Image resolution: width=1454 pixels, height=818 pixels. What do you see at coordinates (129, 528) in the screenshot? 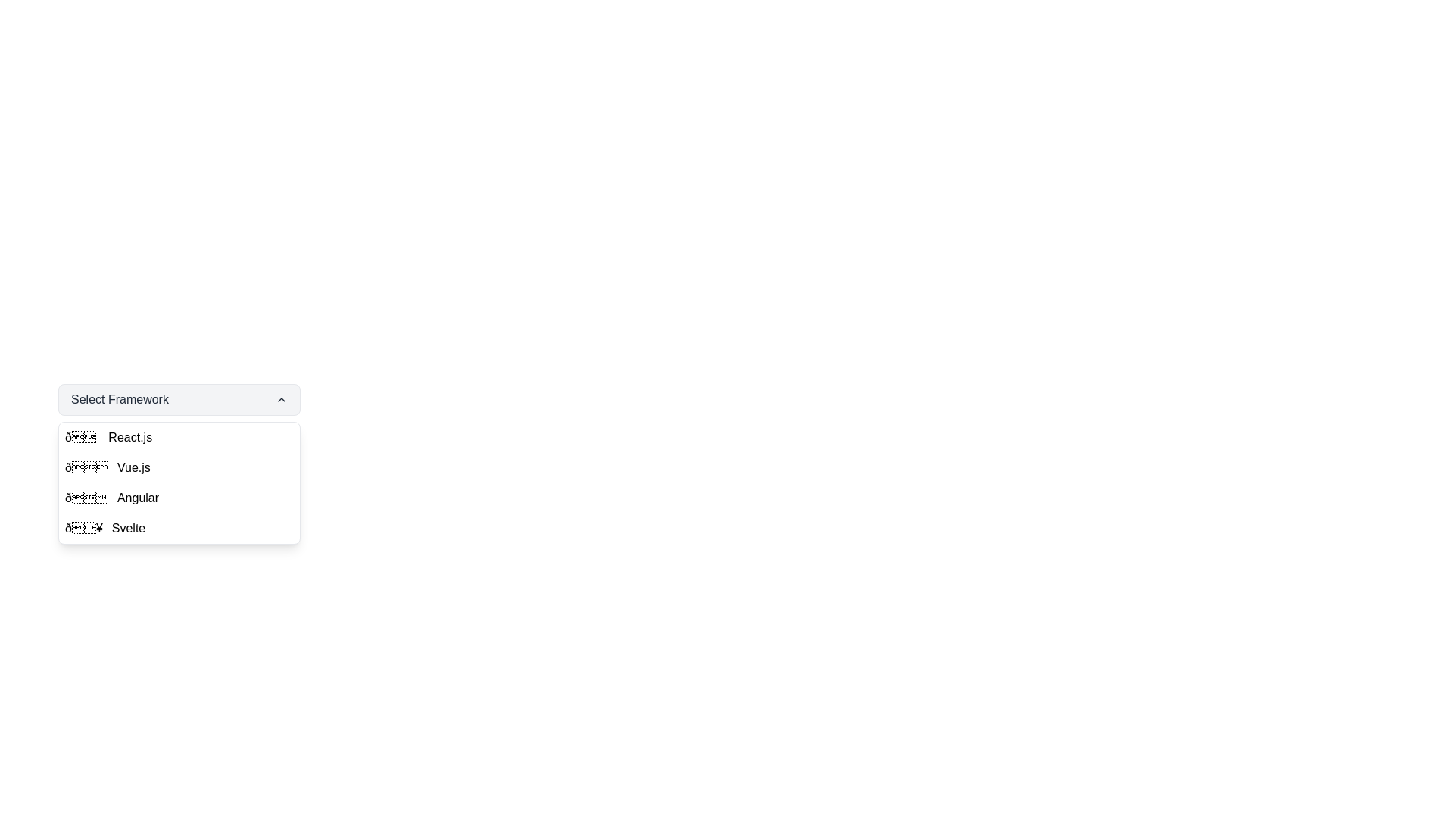
I see `the 'Svelte' label in the dropdown menu under the 'Select Framework' label` at bounding box center [129, 528].